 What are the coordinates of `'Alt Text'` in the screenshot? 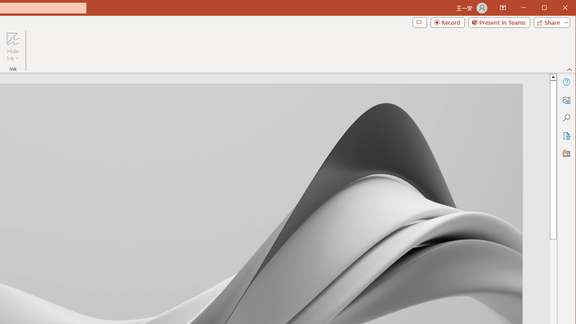 It's located at (566, 100).